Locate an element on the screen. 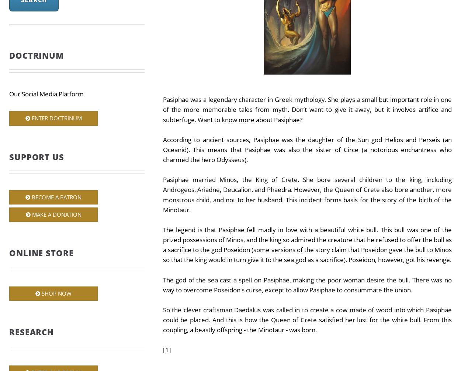  'Shop Now' is located at coordinates (56, 293).